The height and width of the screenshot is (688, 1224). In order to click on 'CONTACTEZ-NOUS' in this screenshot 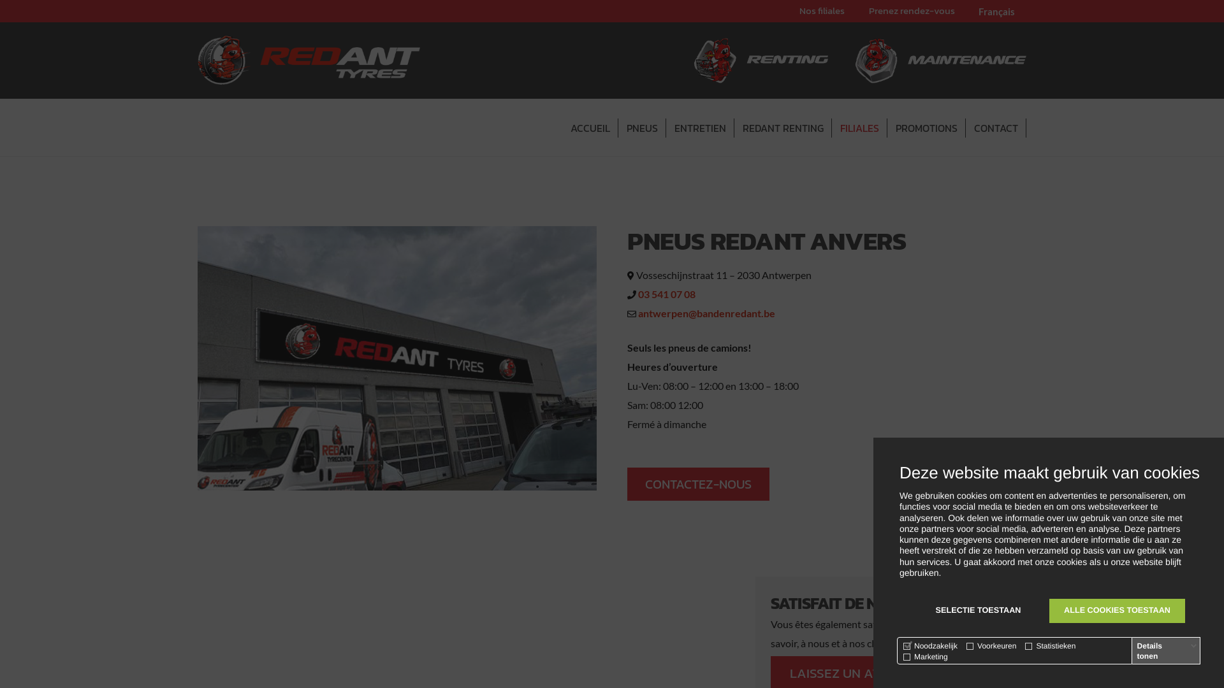, I will do `click(697, 484)`.